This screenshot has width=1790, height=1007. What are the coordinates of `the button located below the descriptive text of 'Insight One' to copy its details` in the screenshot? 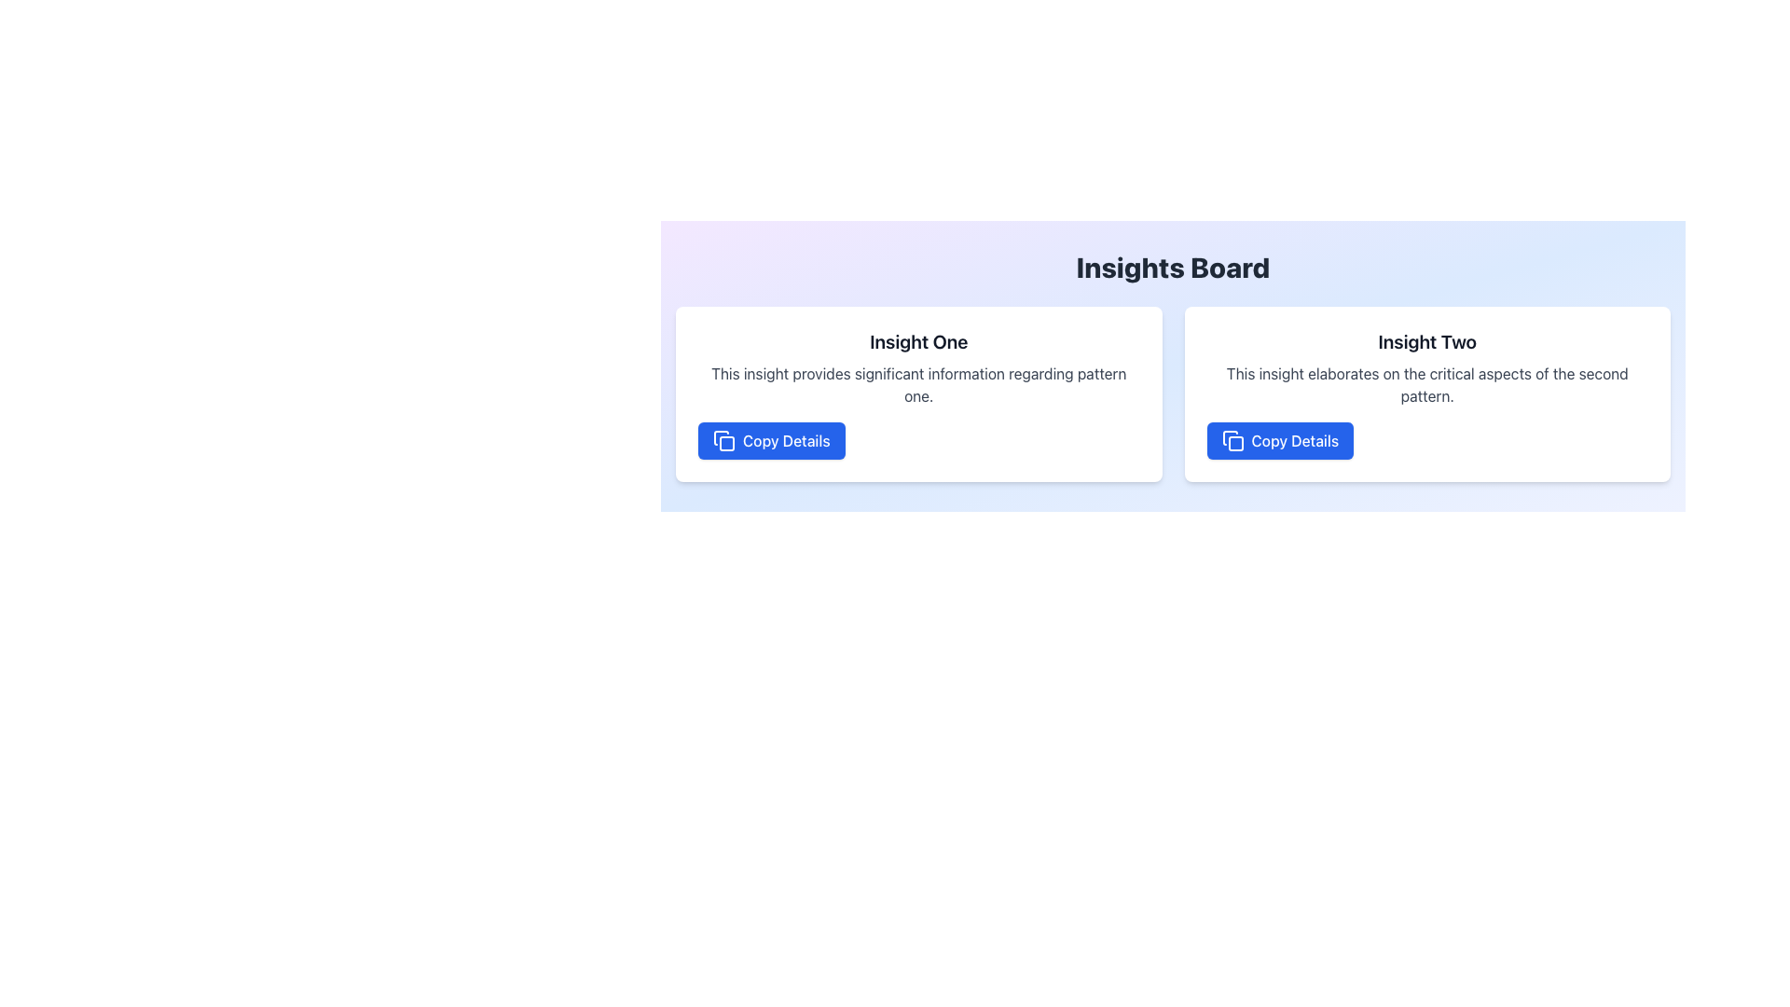 It's located at (771, 441).